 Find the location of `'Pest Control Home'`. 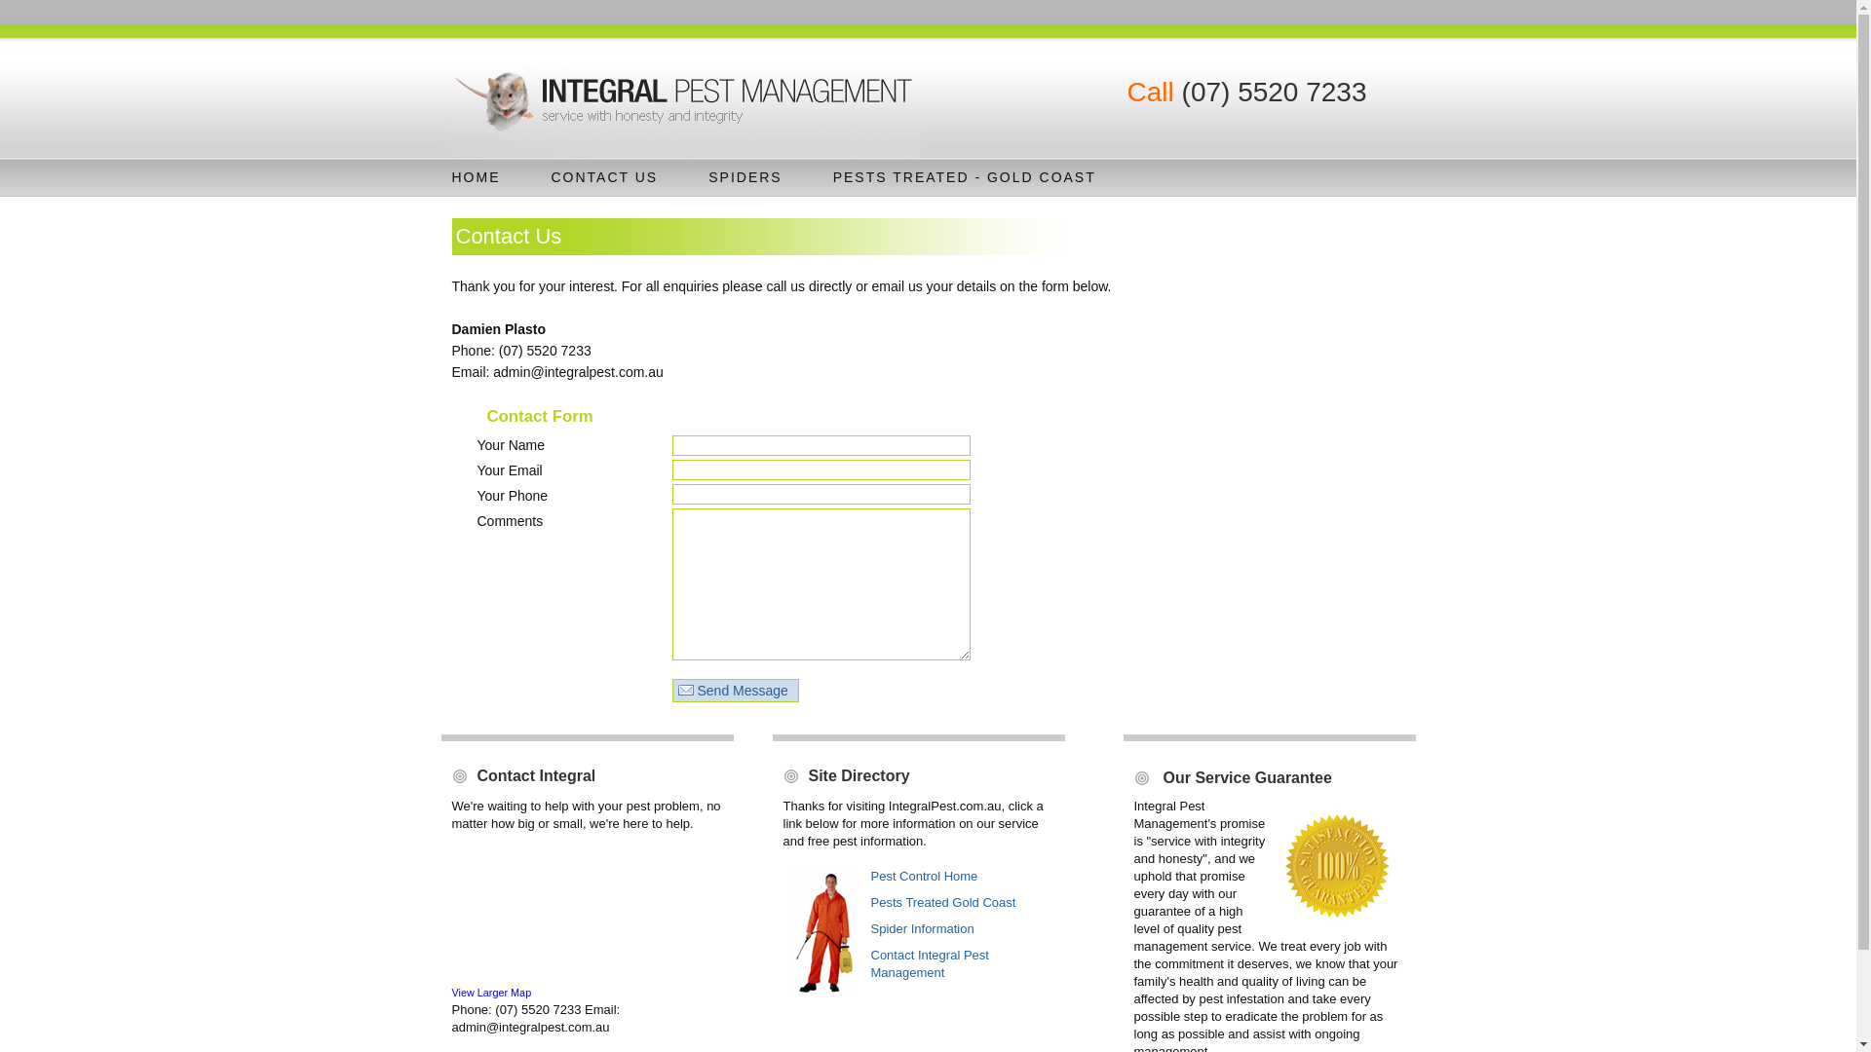

'Pest Control Home' is located at coordinates (924, 875).